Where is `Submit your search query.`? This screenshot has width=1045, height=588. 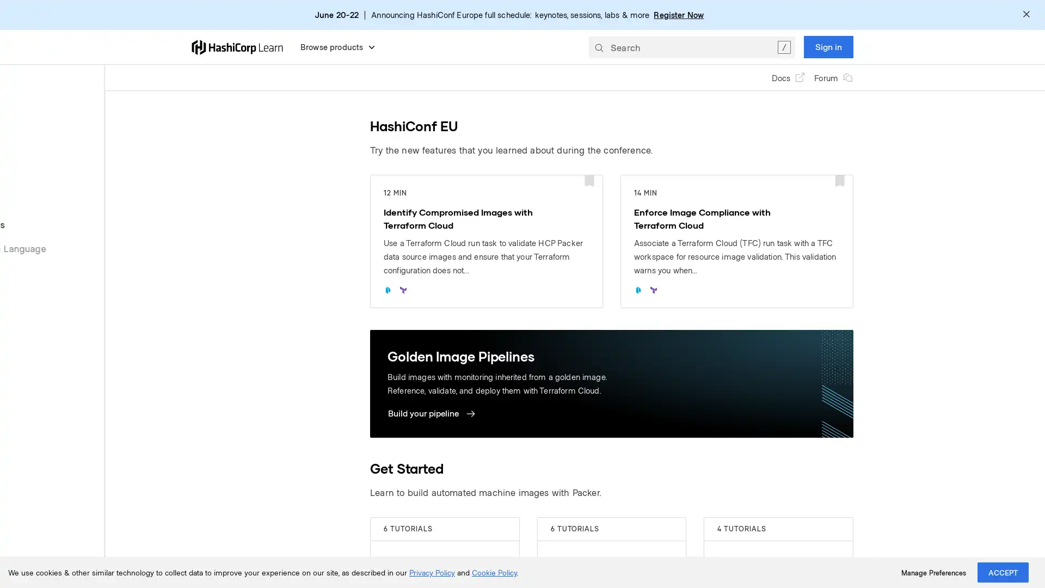
Submit your search query. is located at coordinates (598, 46).